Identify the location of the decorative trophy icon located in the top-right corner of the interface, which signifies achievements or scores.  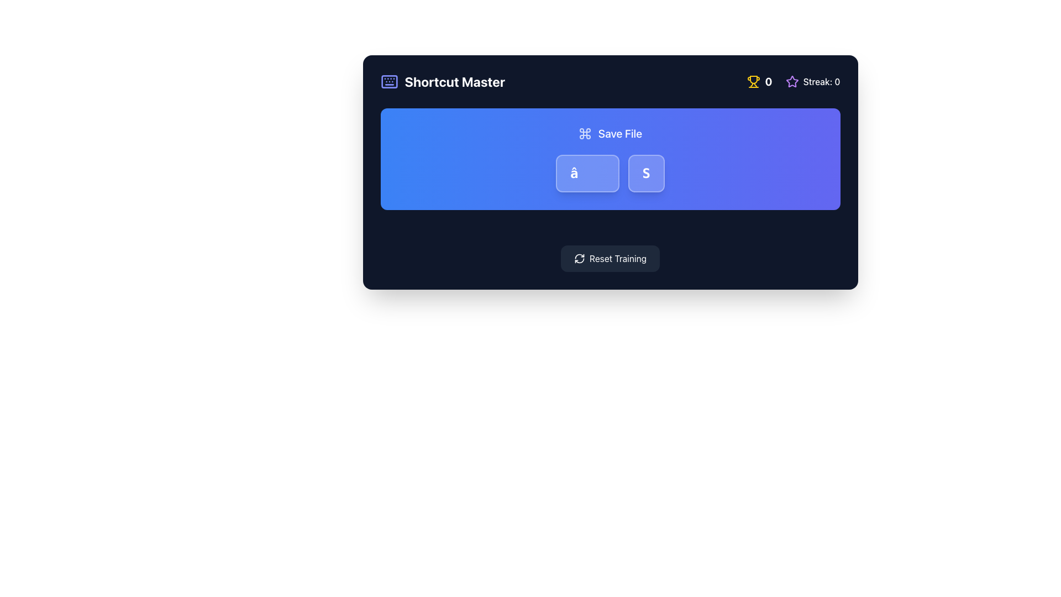
(753, 79).